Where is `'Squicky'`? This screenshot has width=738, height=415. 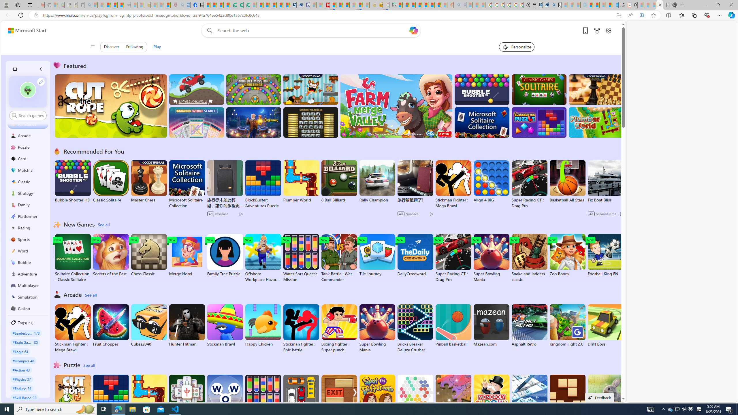 'Squicky' is located at coordinates (310, 89).